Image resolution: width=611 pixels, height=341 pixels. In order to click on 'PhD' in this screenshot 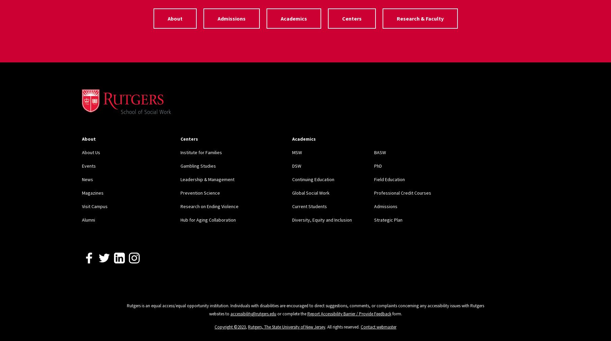, I will do `click(377, 165)`.